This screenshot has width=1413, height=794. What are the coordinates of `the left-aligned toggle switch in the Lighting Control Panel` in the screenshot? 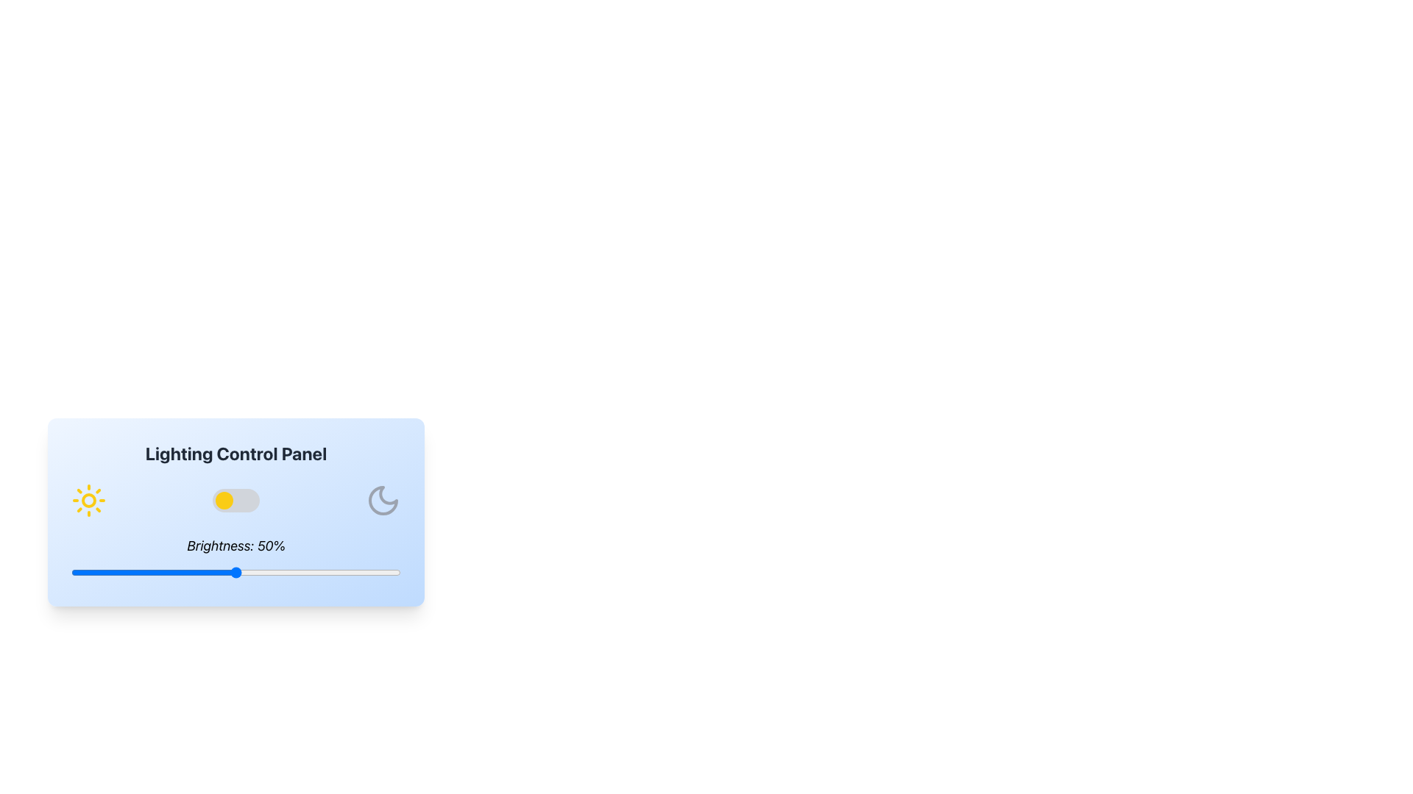 It's located at (224, 500).